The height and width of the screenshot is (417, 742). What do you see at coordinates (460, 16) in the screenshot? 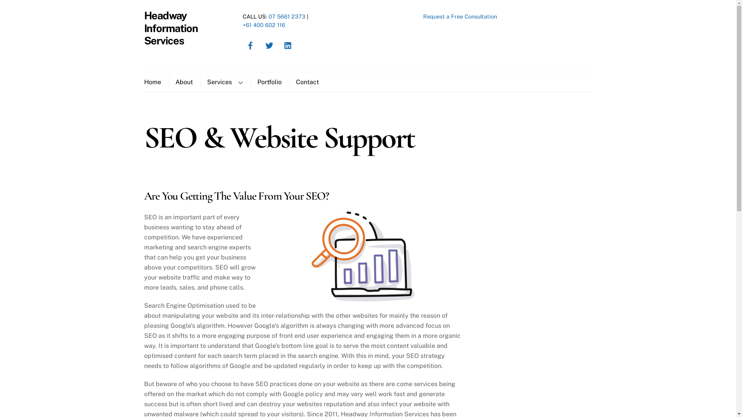
I see `'Request a Free Consultation'` at bounding box center [460, 16].